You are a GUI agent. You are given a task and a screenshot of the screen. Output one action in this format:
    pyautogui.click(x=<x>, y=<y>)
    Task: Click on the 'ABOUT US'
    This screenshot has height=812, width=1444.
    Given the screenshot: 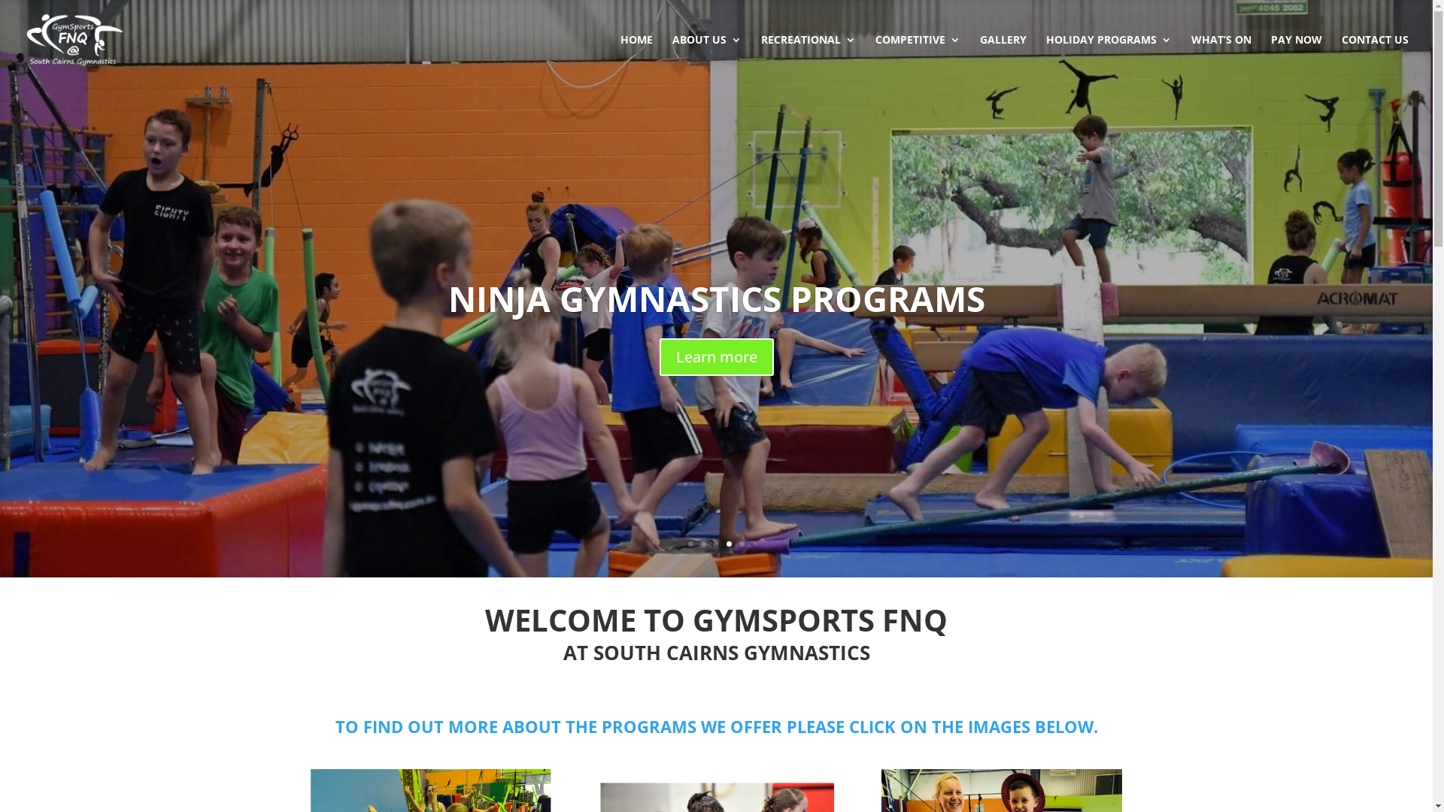 What is the action you would take?
    pyautogui.click(x=706, y=56)
    